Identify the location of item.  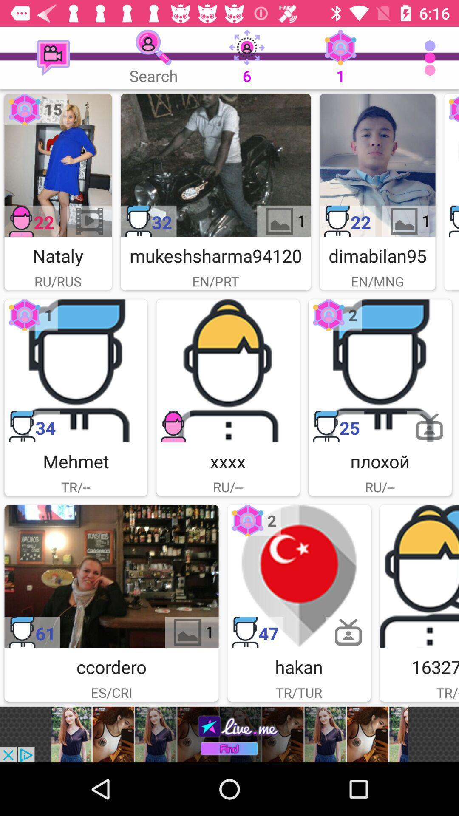
(75, 371).